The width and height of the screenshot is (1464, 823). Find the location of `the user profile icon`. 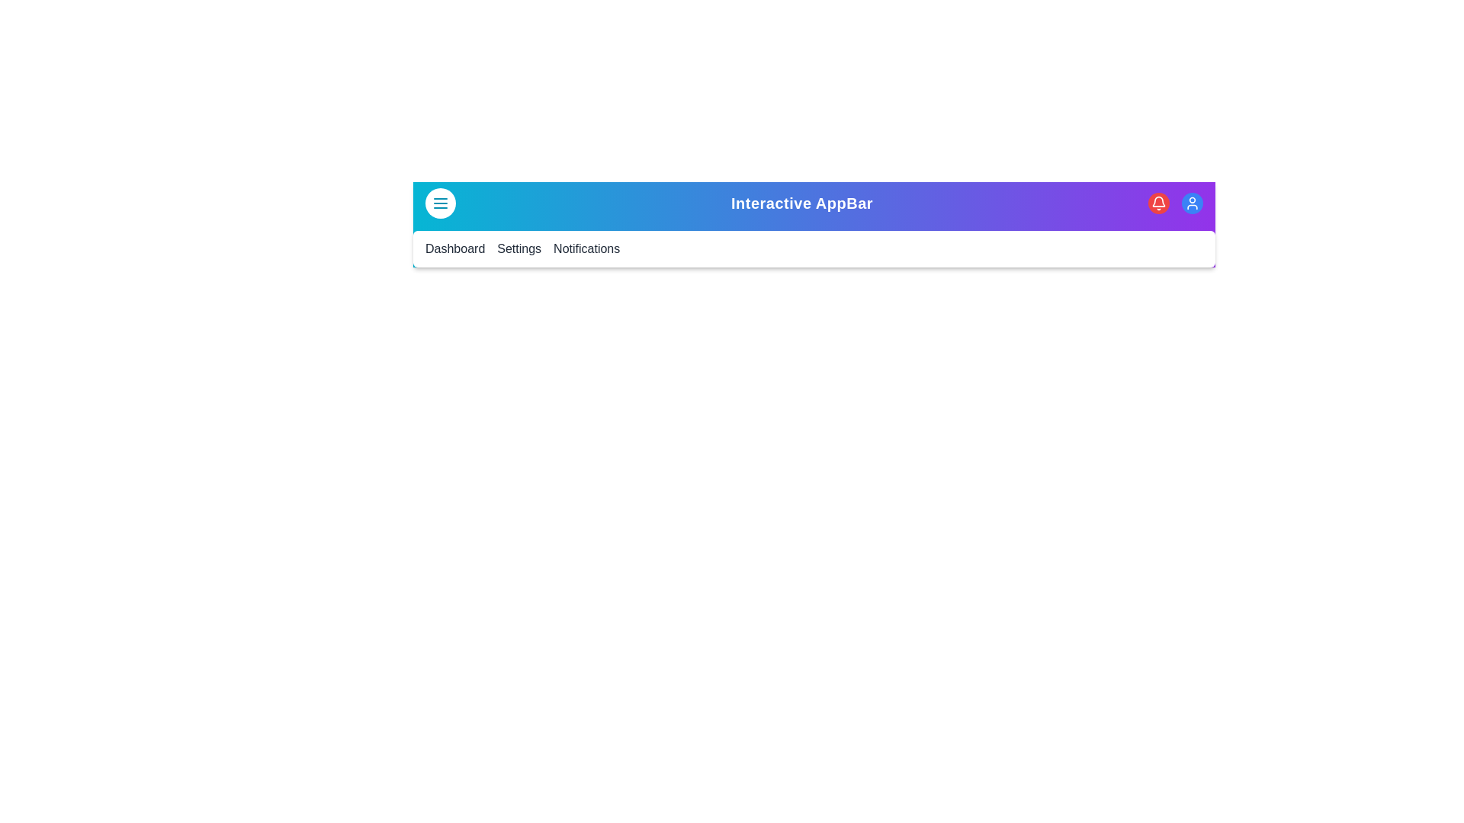

the user profile icon is located at coordinates (1192, 202).